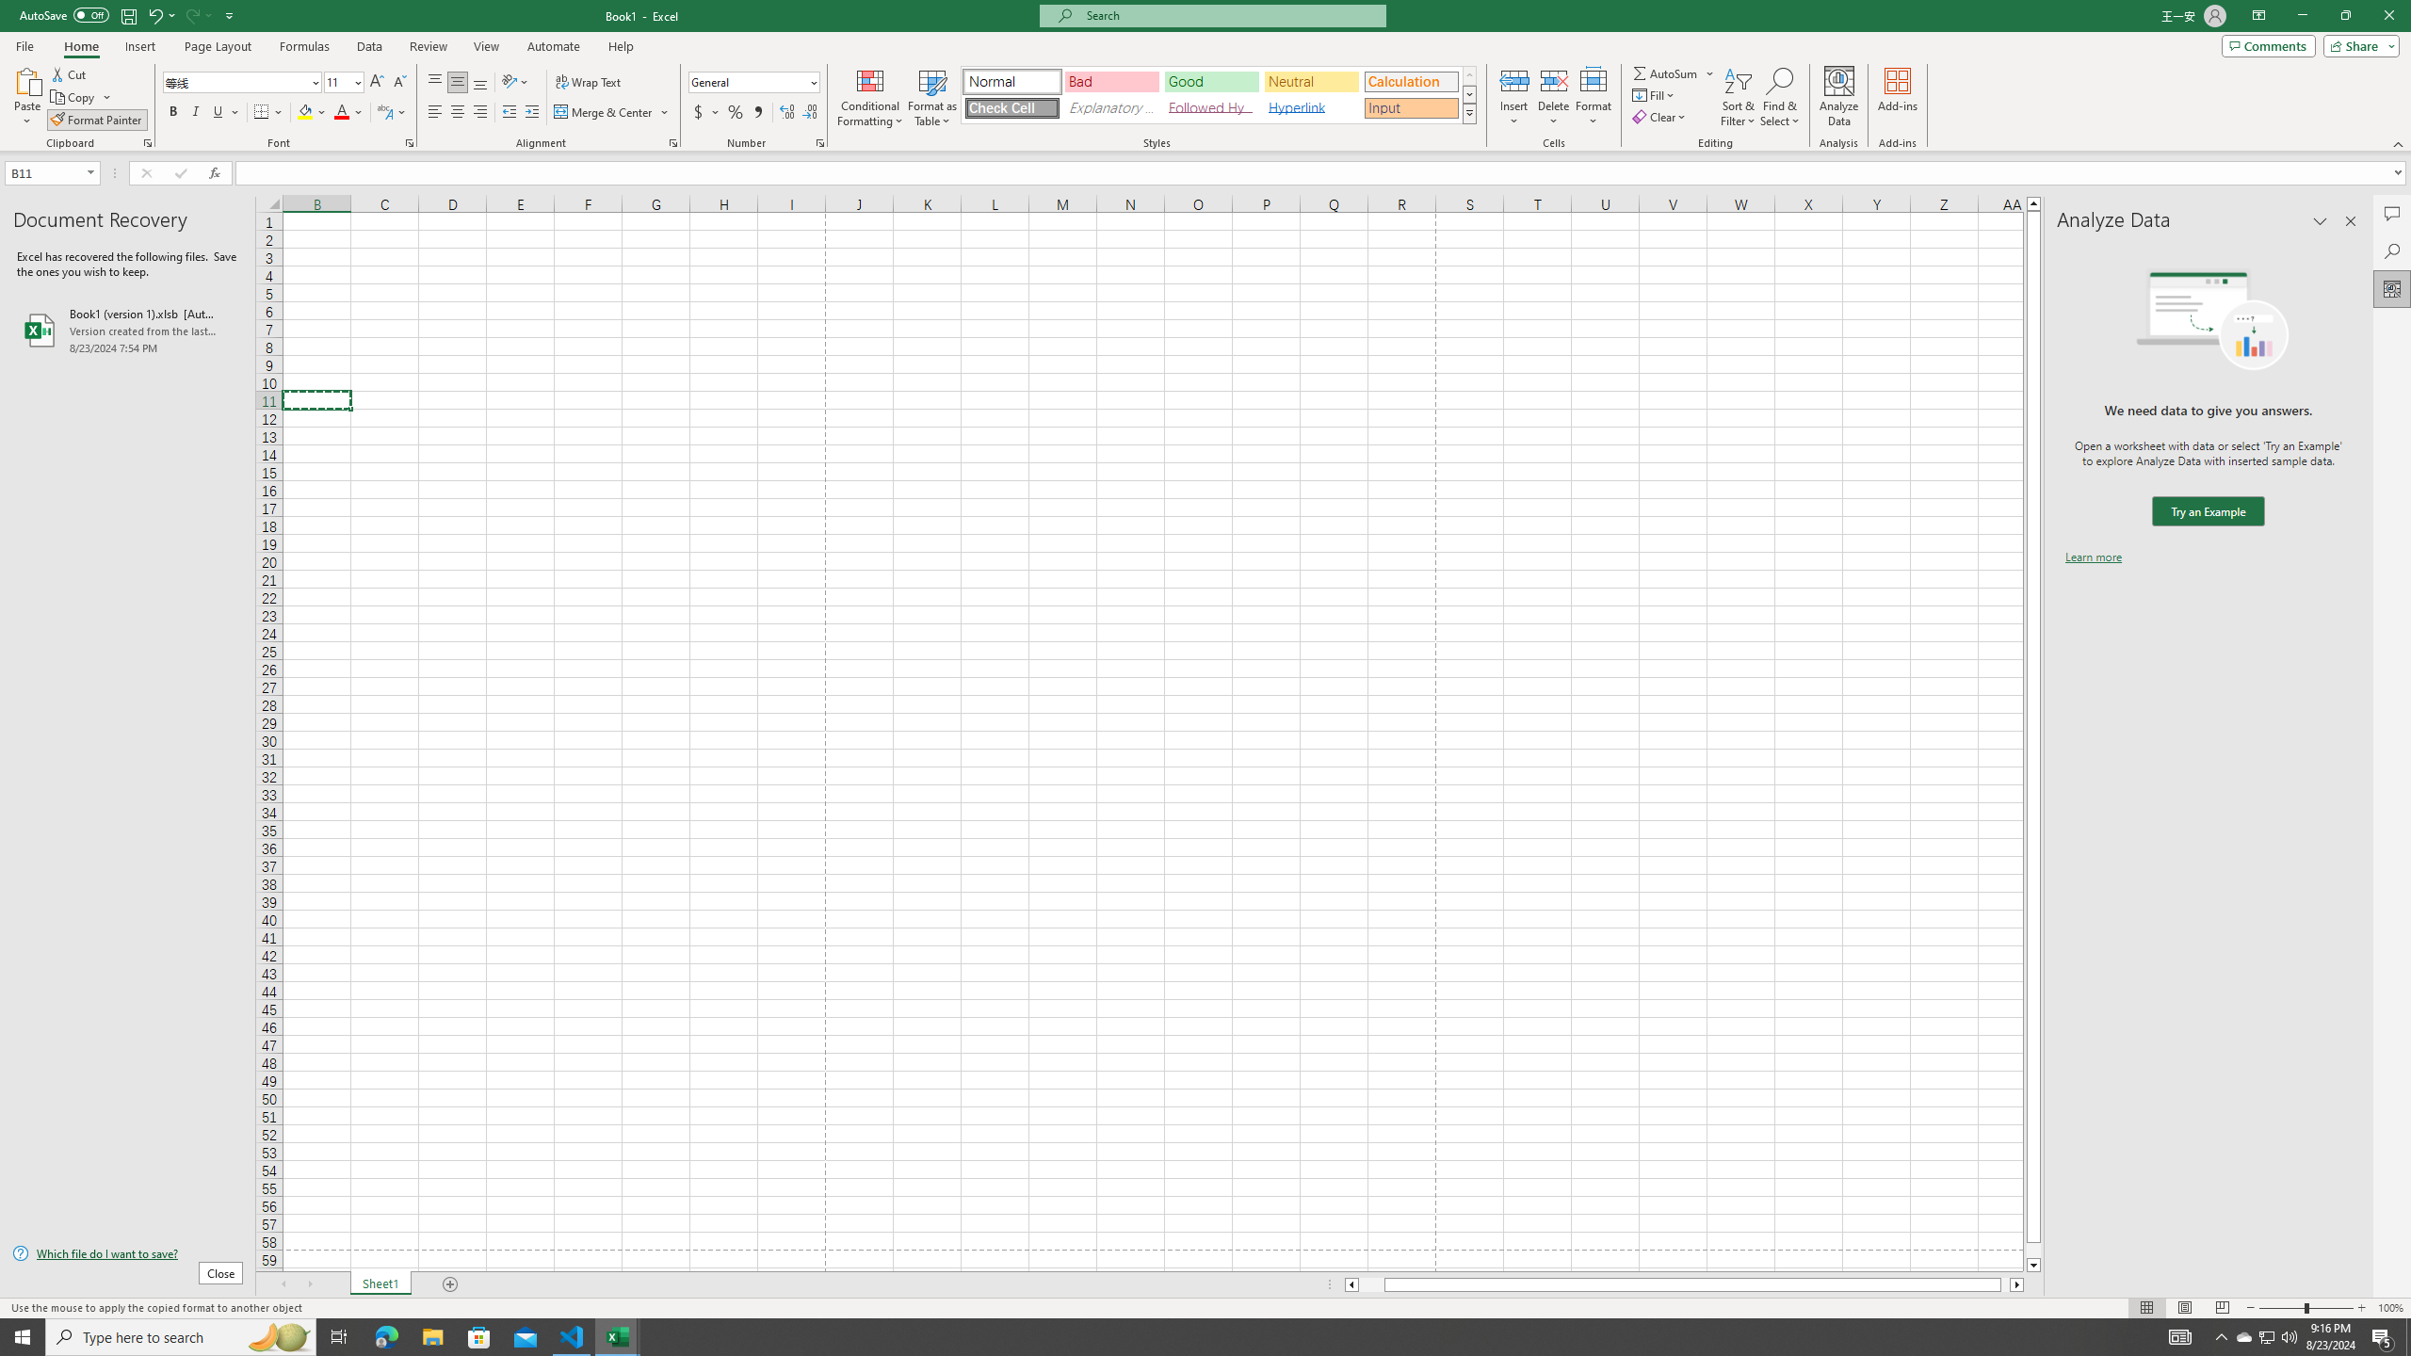 The height and width of the screenshot is (1356, 2411). I want to click on 'Accounting Number Format', so click(698, 111).